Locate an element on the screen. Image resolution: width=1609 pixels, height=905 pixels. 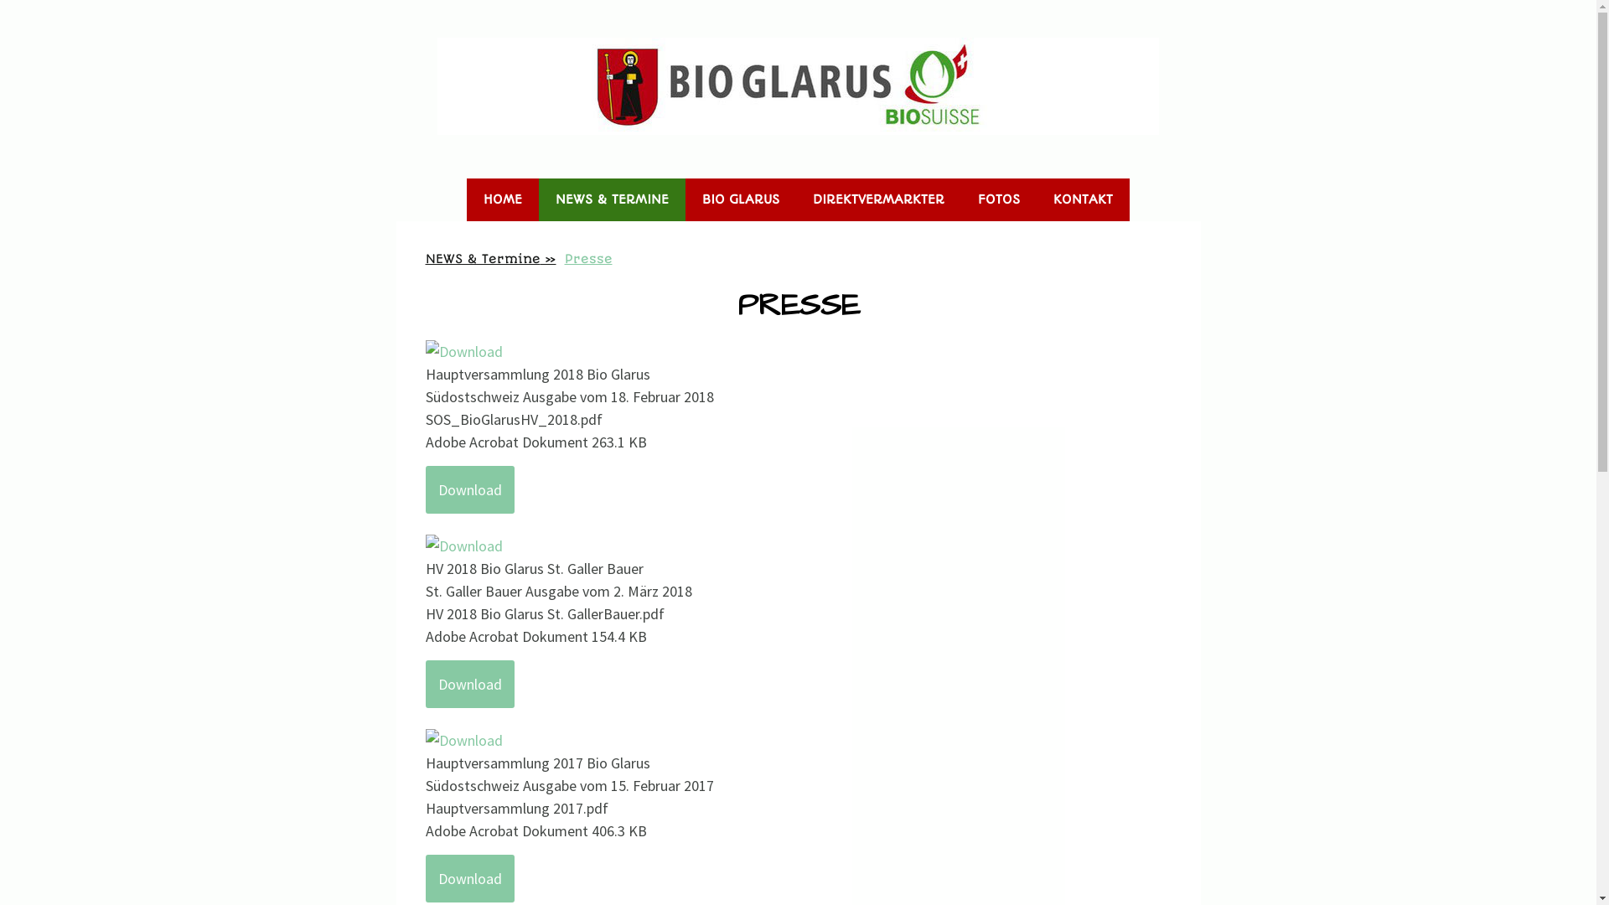
'NEWS & TERMINE' is located at coordinates (611, 199).